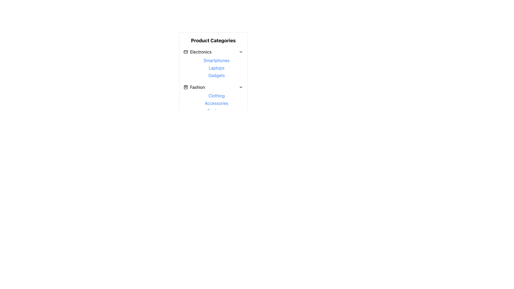 This screenshot has height=289, width=514. What do you see at coordinates (186, 52) in the screenshot?
I see `the SVG Rectangle representing the mail icon adjacent to the 'Electronics' label in the Product Categories list` at bounding box center [186, 52].